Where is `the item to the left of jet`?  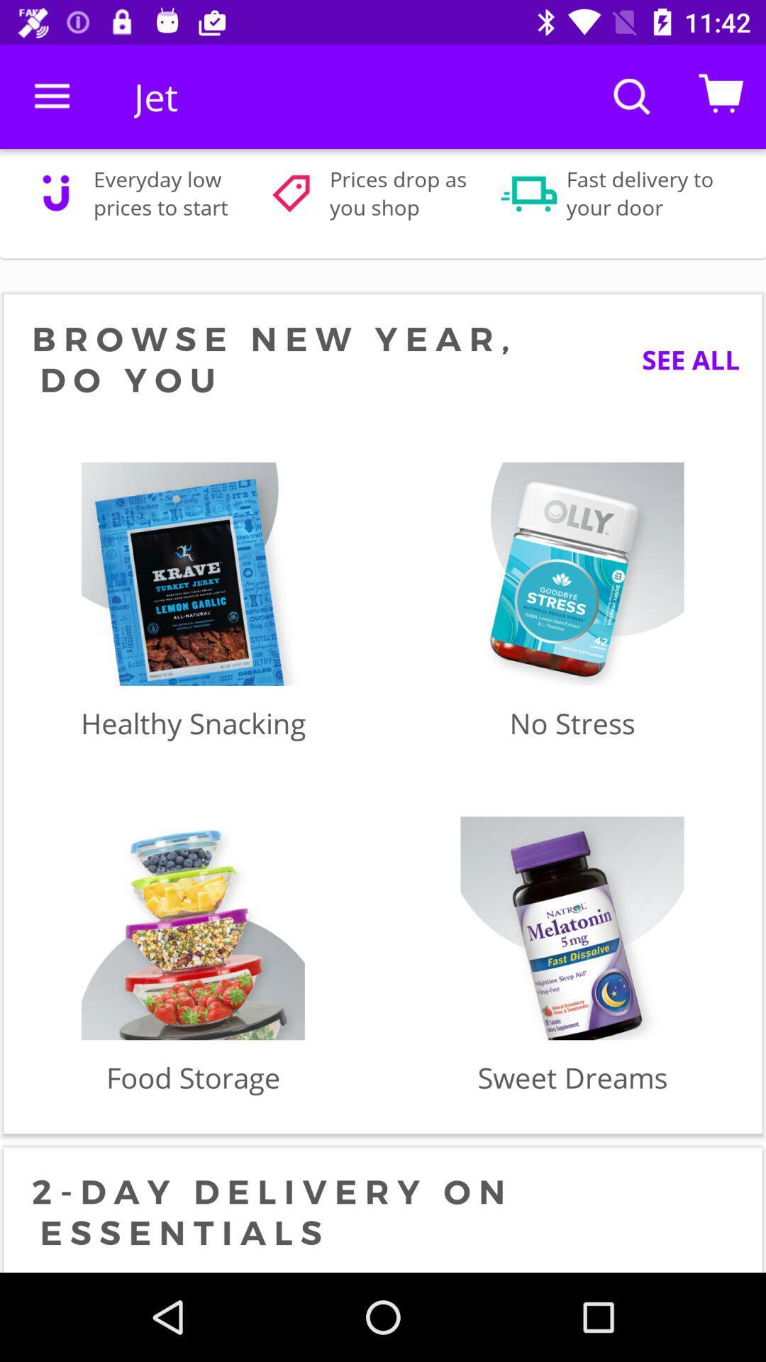 the item to the left of jet is located at coordinates (51, 96).